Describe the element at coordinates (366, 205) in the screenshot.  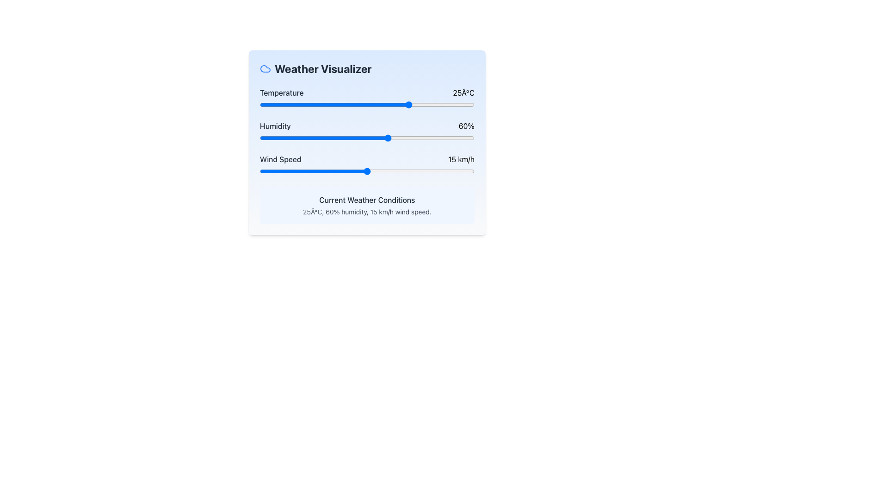
I see `the text block displaying the current weather conditions, which includes details like temperature, humidity, and wind speed, styled with a blue background and rounded corners` at that location.